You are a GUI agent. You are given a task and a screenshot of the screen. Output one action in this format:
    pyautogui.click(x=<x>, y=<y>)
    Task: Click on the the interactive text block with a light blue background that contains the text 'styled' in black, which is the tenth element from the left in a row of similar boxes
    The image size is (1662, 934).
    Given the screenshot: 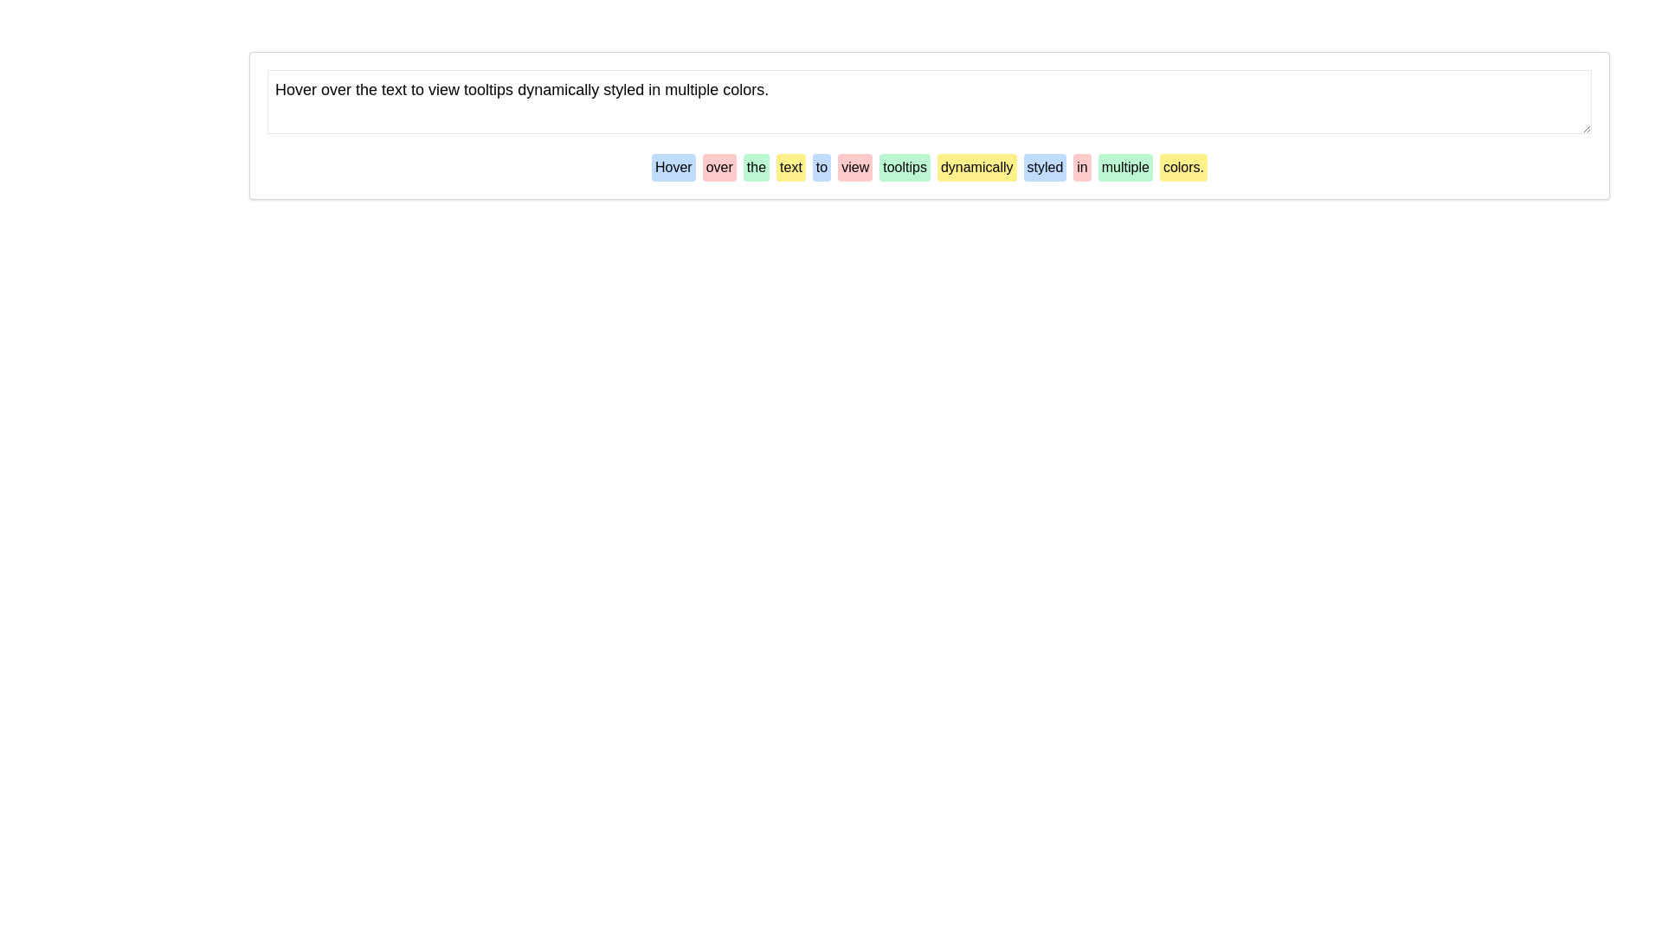 What is the action you would take?
    pyautogui.click(x=1044, y=167)
    